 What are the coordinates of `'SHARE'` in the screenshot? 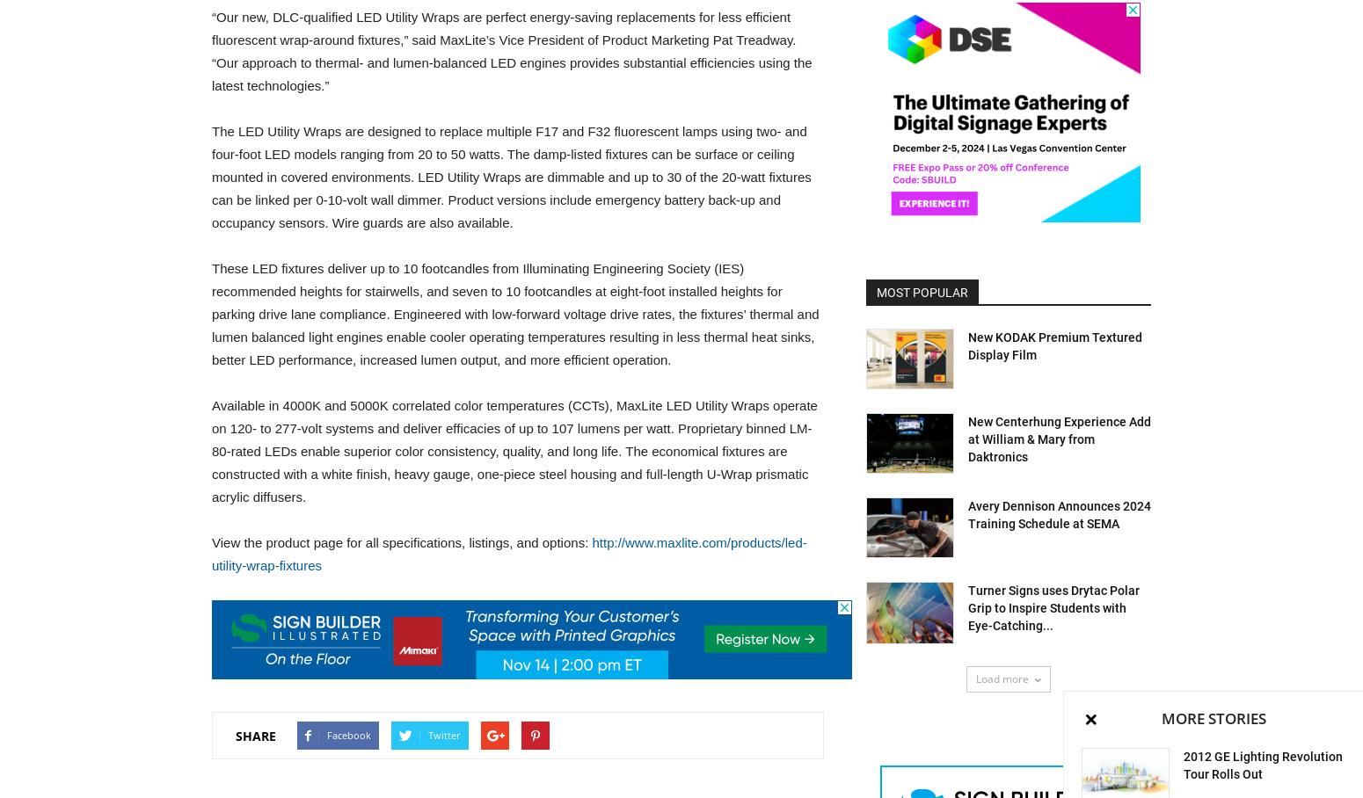 It's located at (255, 734).